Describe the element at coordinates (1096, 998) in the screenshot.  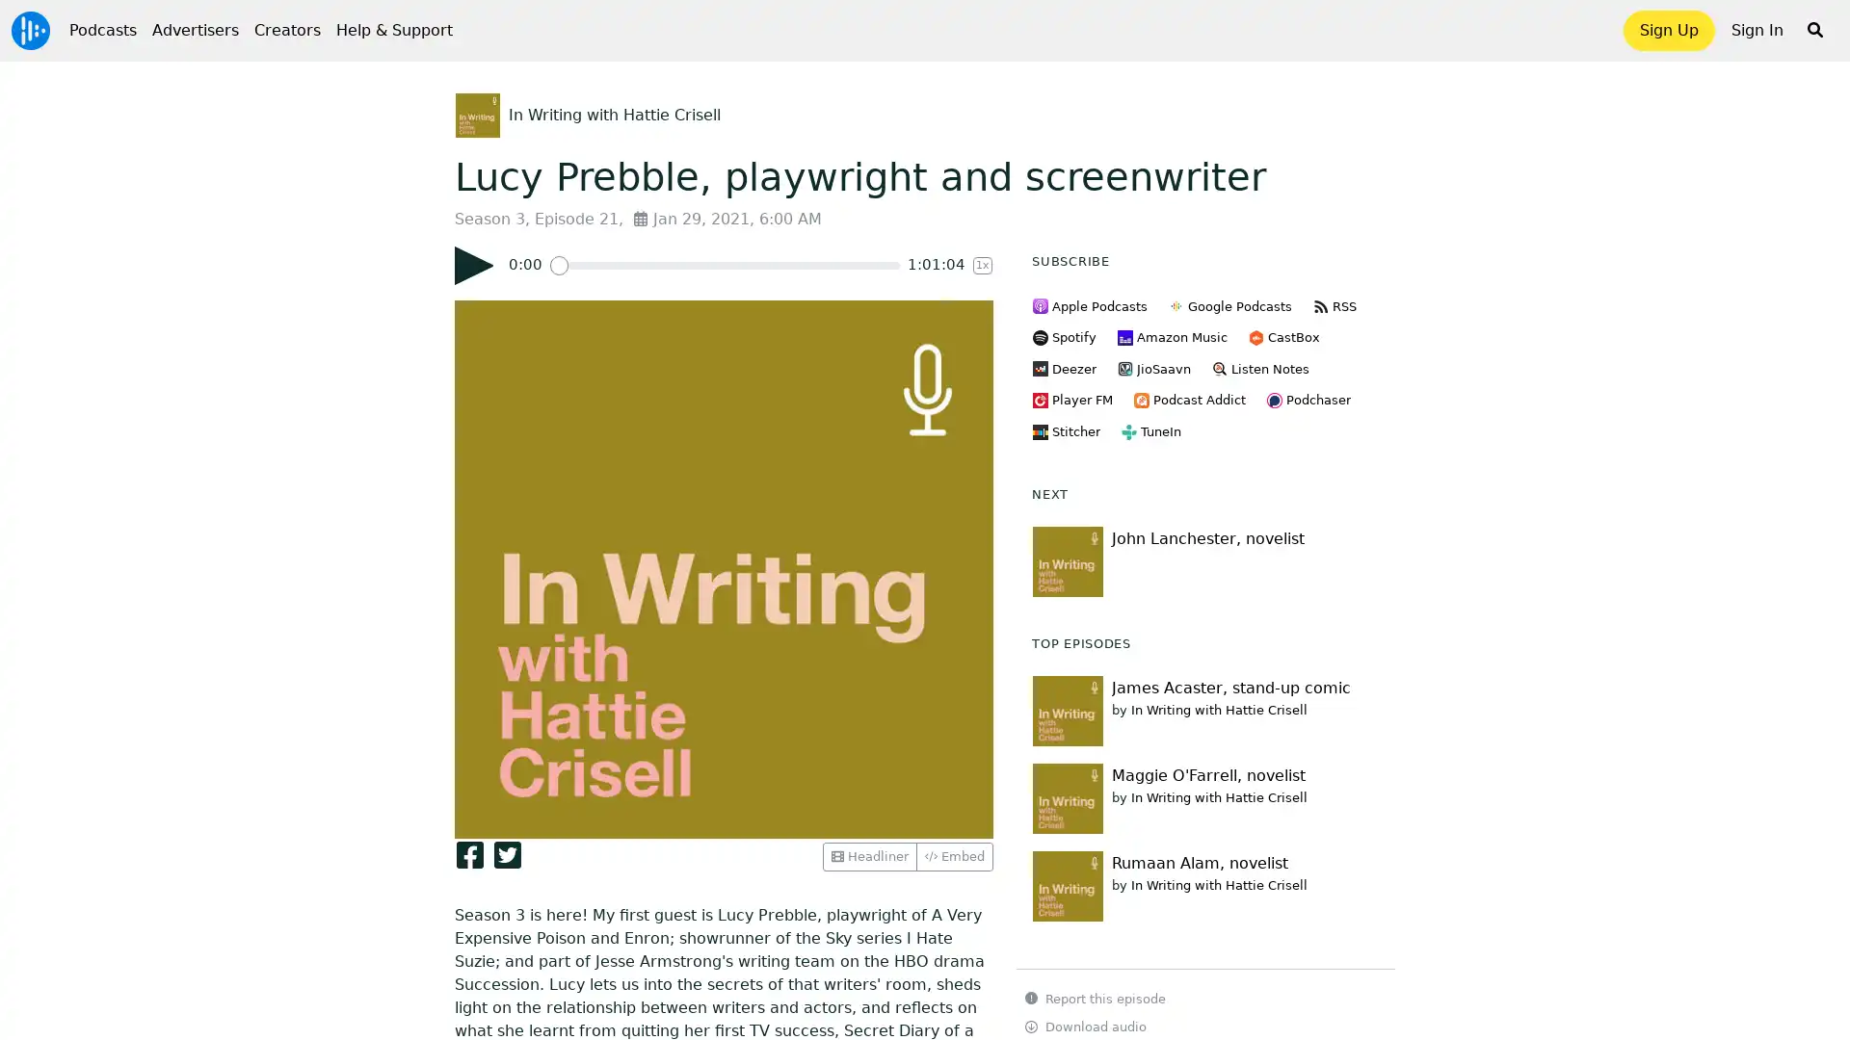
I see `Report this episode` at that location.